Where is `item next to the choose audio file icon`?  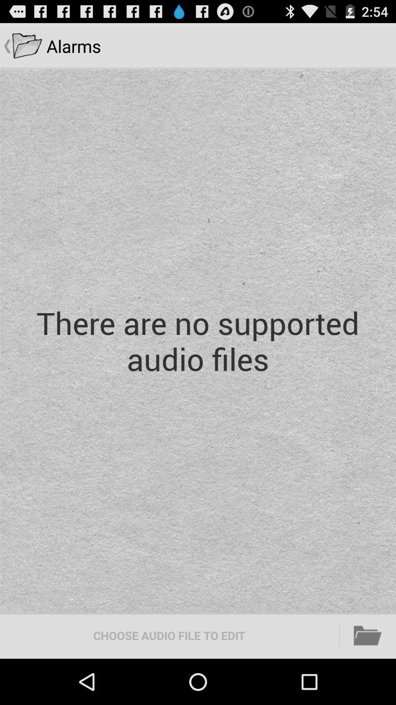 item next to the choose audio file icon is located at coordinates (368, 635).